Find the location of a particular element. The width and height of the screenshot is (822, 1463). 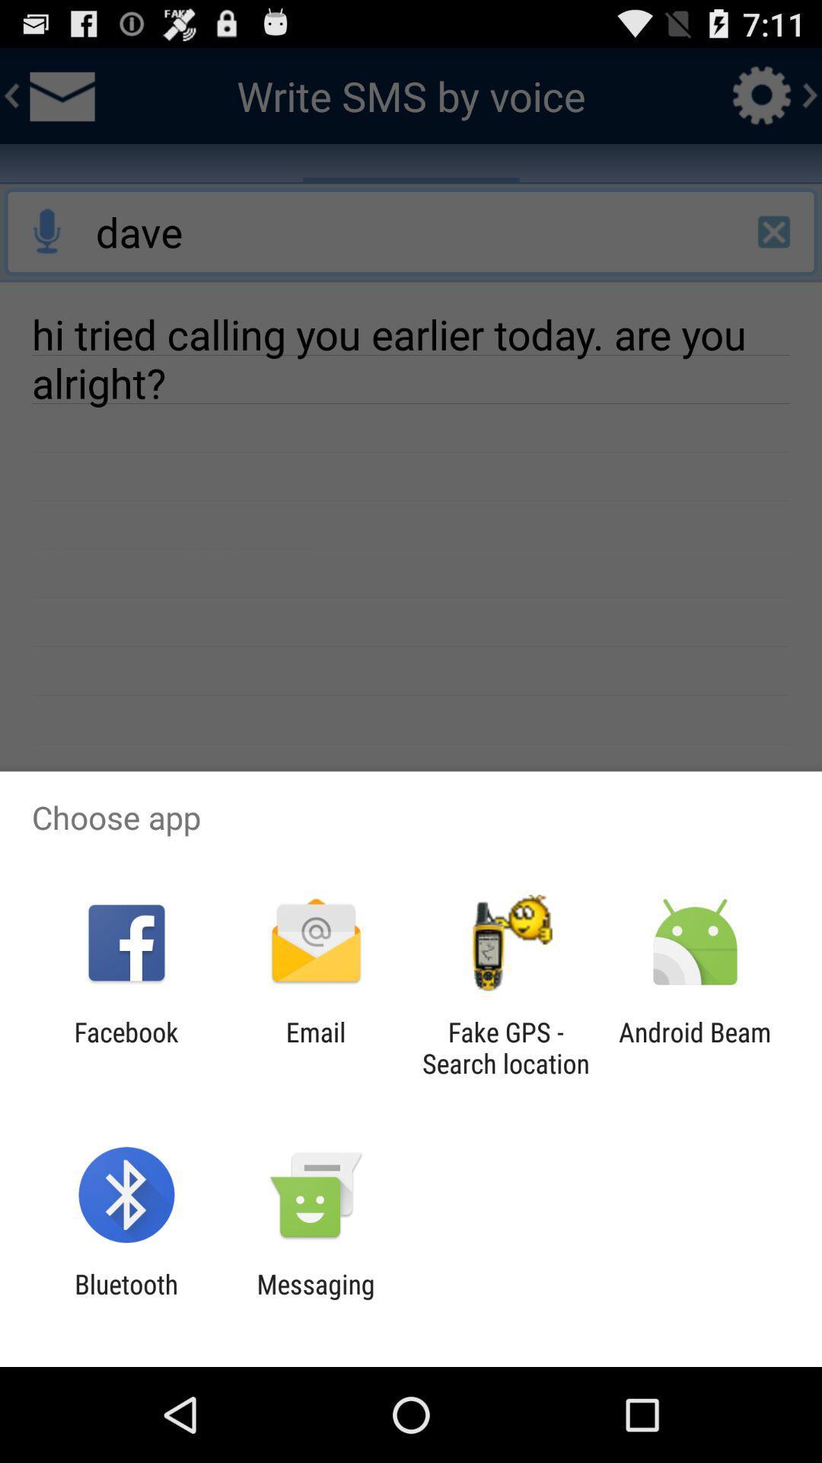

fake gps search is located at coordinates (505, 1047).